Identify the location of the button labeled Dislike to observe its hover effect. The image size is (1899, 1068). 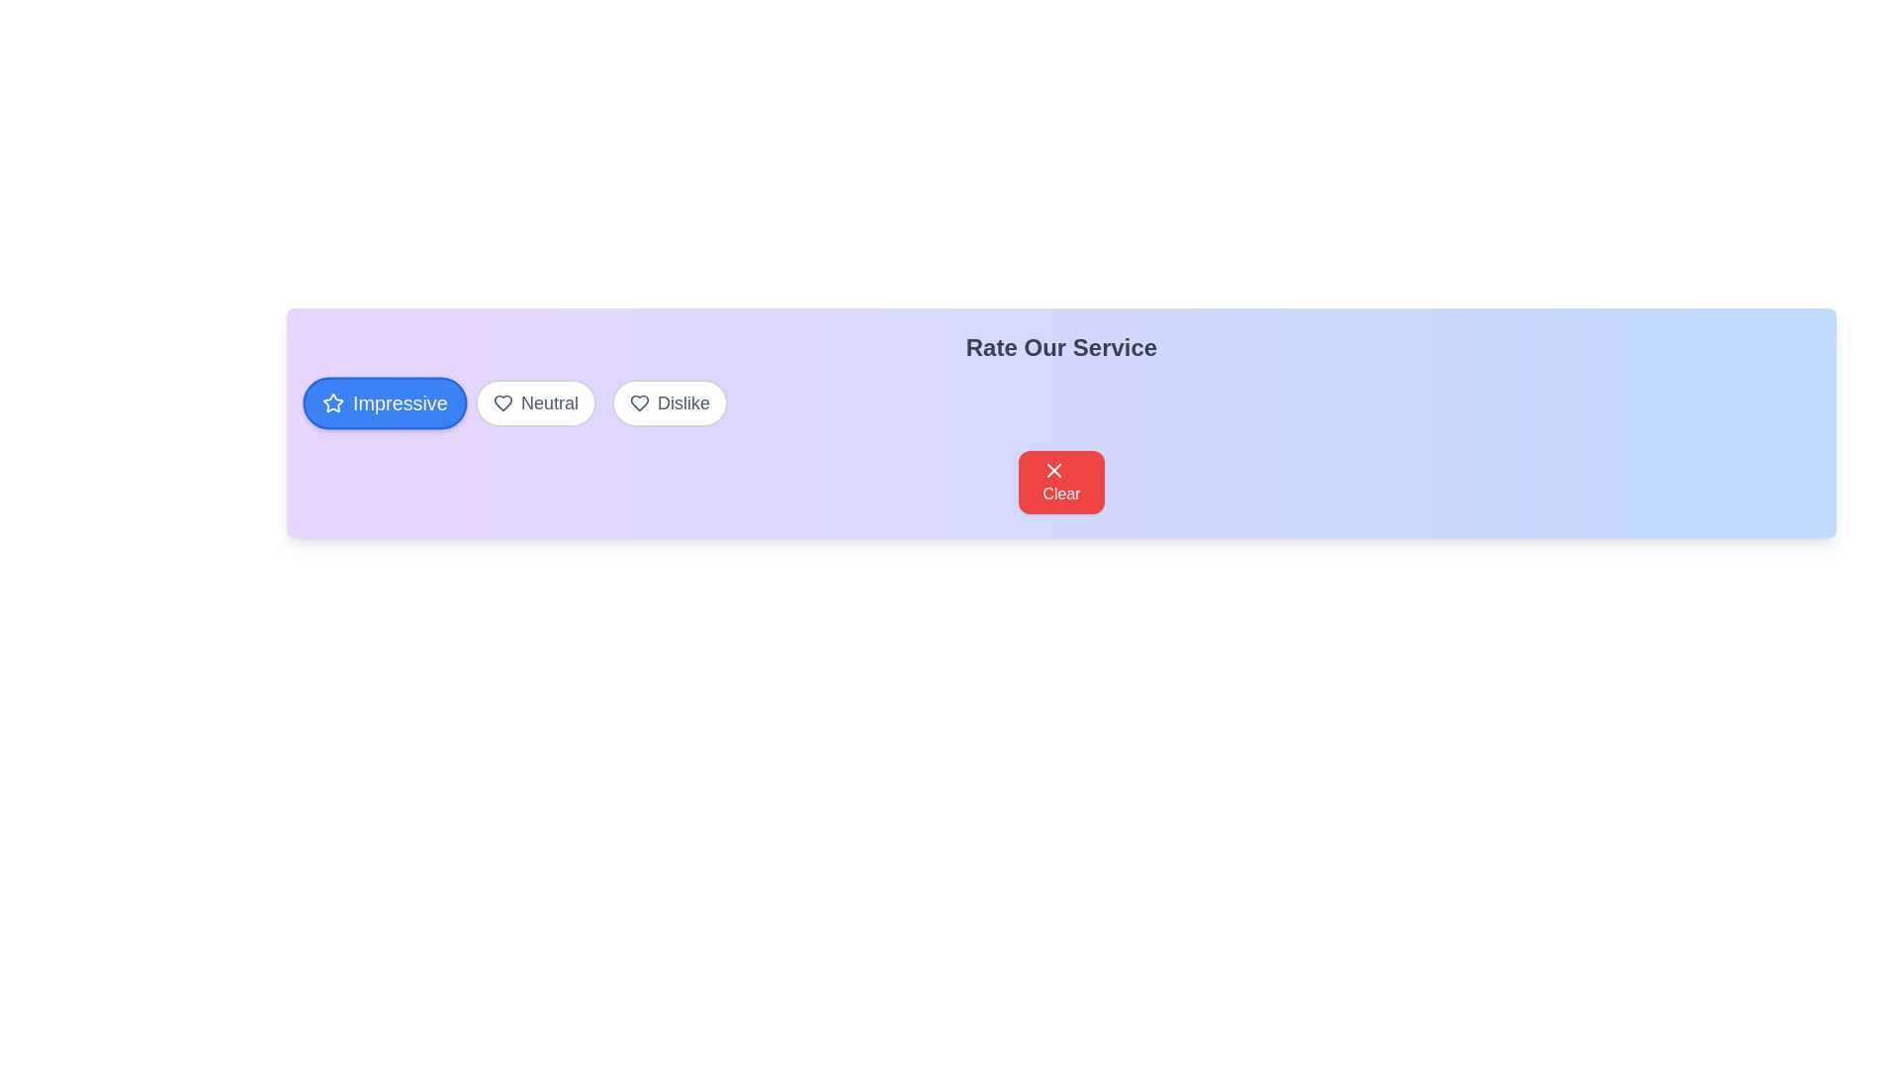
(670, 402).